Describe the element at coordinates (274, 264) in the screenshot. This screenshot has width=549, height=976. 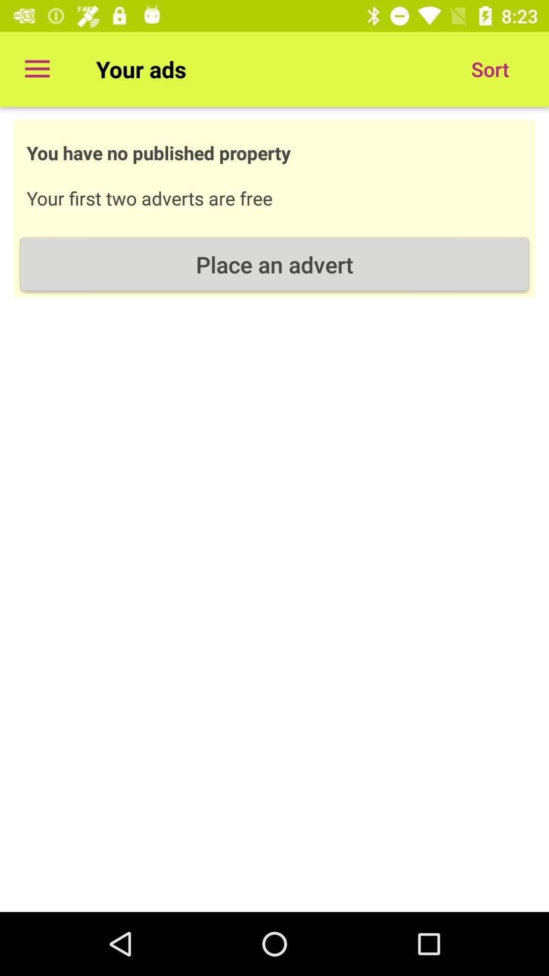
I see `the item below your first two` at that location.